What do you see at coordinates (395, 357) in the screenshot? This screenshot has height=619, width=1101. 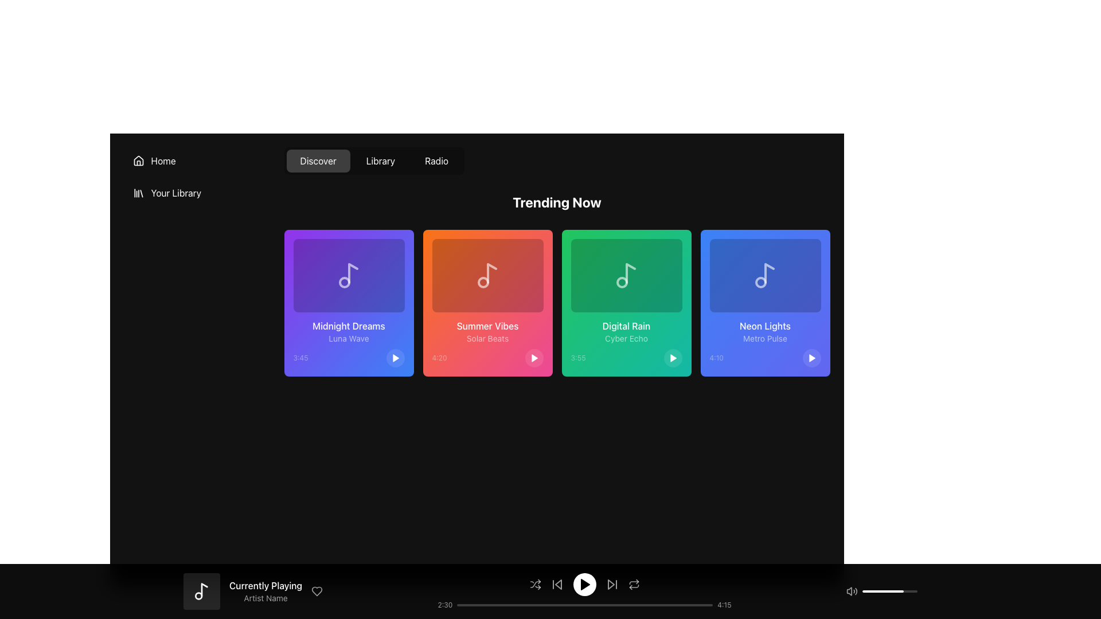 I see `the circular play button with a white background located at the bottom-right of the 'Midnight Dreams' card to play the content` at bounding box center [395, 357].